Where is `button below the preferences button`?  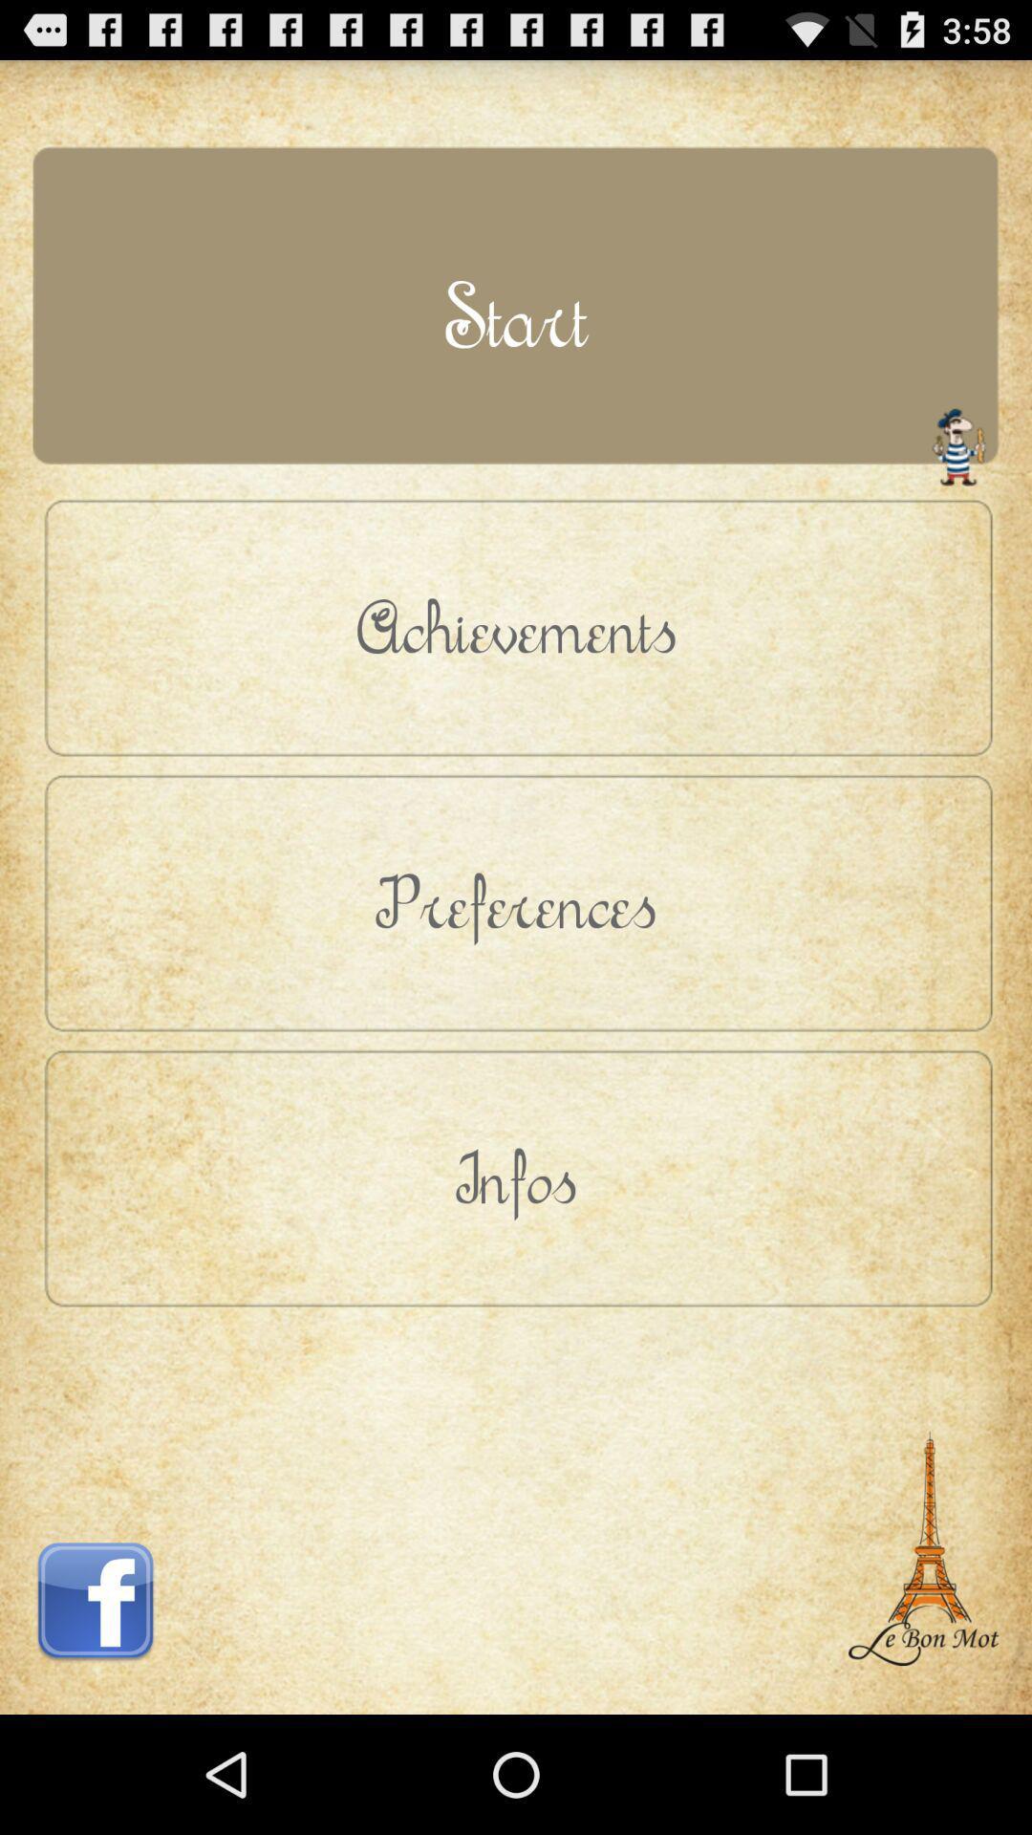
button below the preferences button is located at coordinates (516, 1177).